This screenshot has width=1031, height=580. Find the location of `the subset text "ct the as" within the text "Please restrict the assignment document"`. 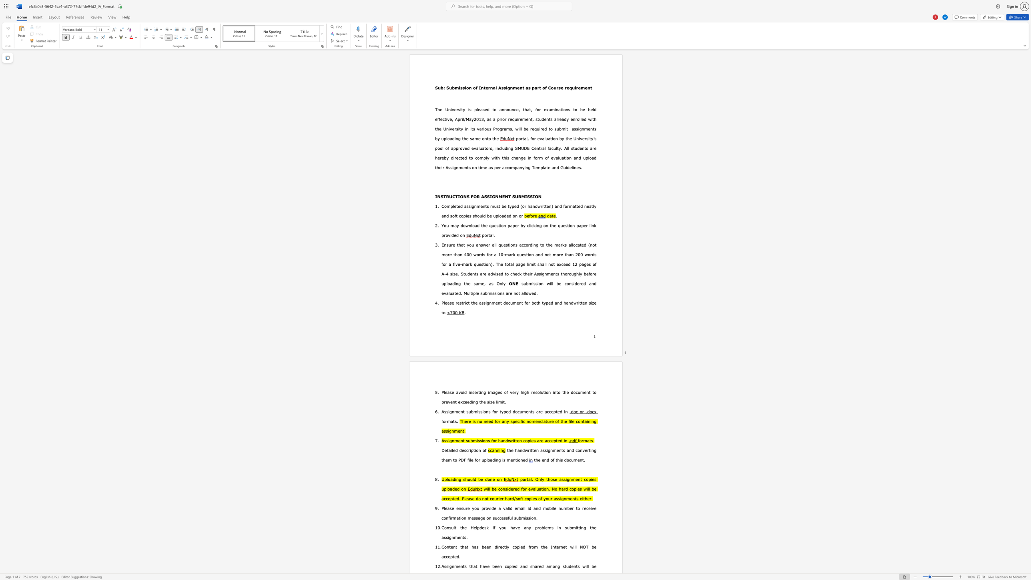

the subset text "ct the as" within the text "Please restrict the assignment document" is located at coordinates (465, 303).